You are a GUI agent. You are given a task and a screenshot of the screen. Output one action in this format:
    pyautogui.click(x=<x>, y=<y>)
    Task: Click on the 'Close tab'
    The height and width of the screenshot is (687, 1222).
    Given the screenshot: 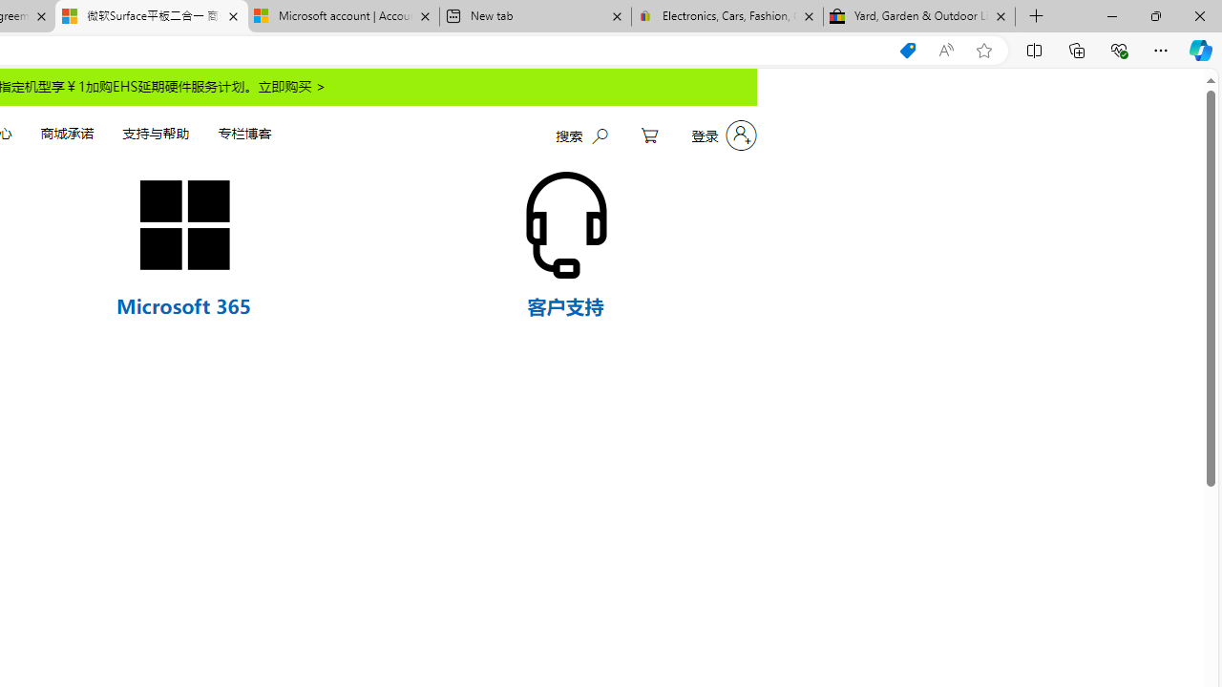 What is the action you would take?
    pyautogui.click(x=1000, y=16)
    